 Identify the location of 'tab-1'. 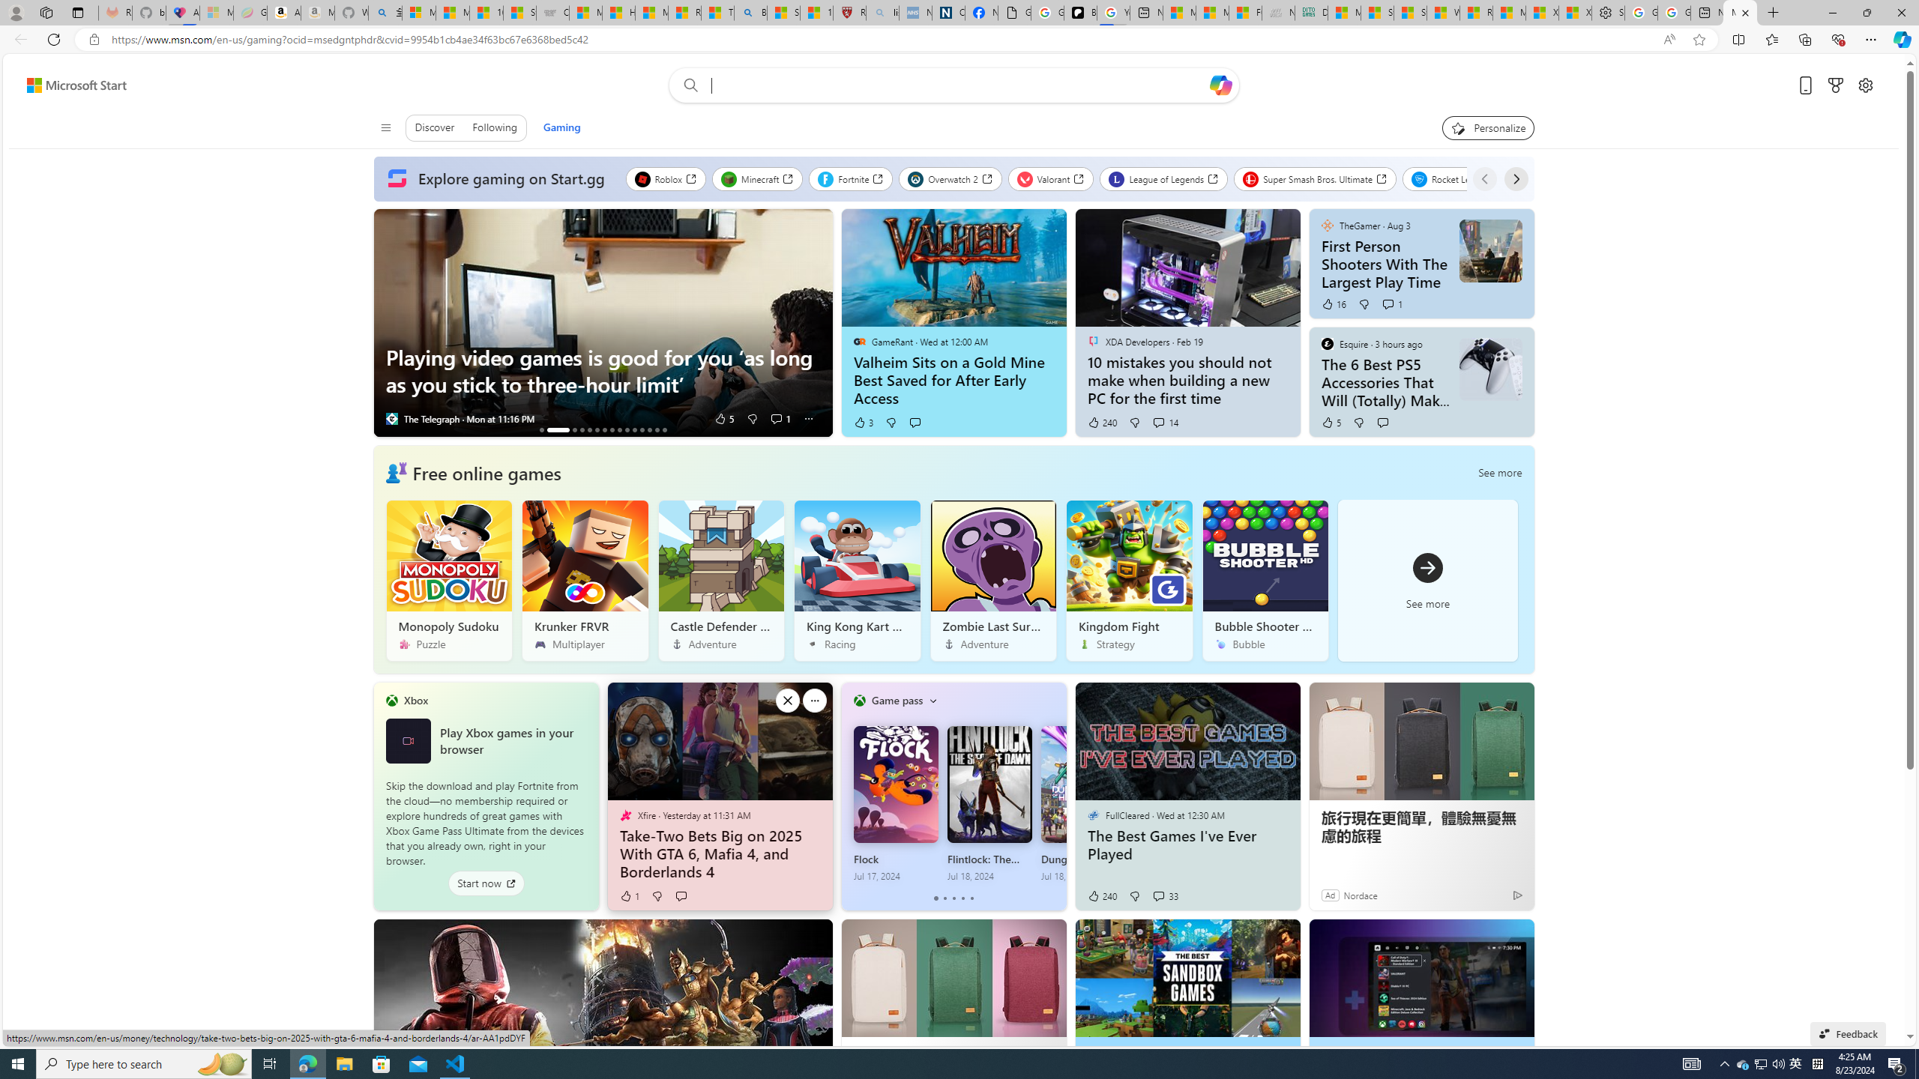
(944, 898).